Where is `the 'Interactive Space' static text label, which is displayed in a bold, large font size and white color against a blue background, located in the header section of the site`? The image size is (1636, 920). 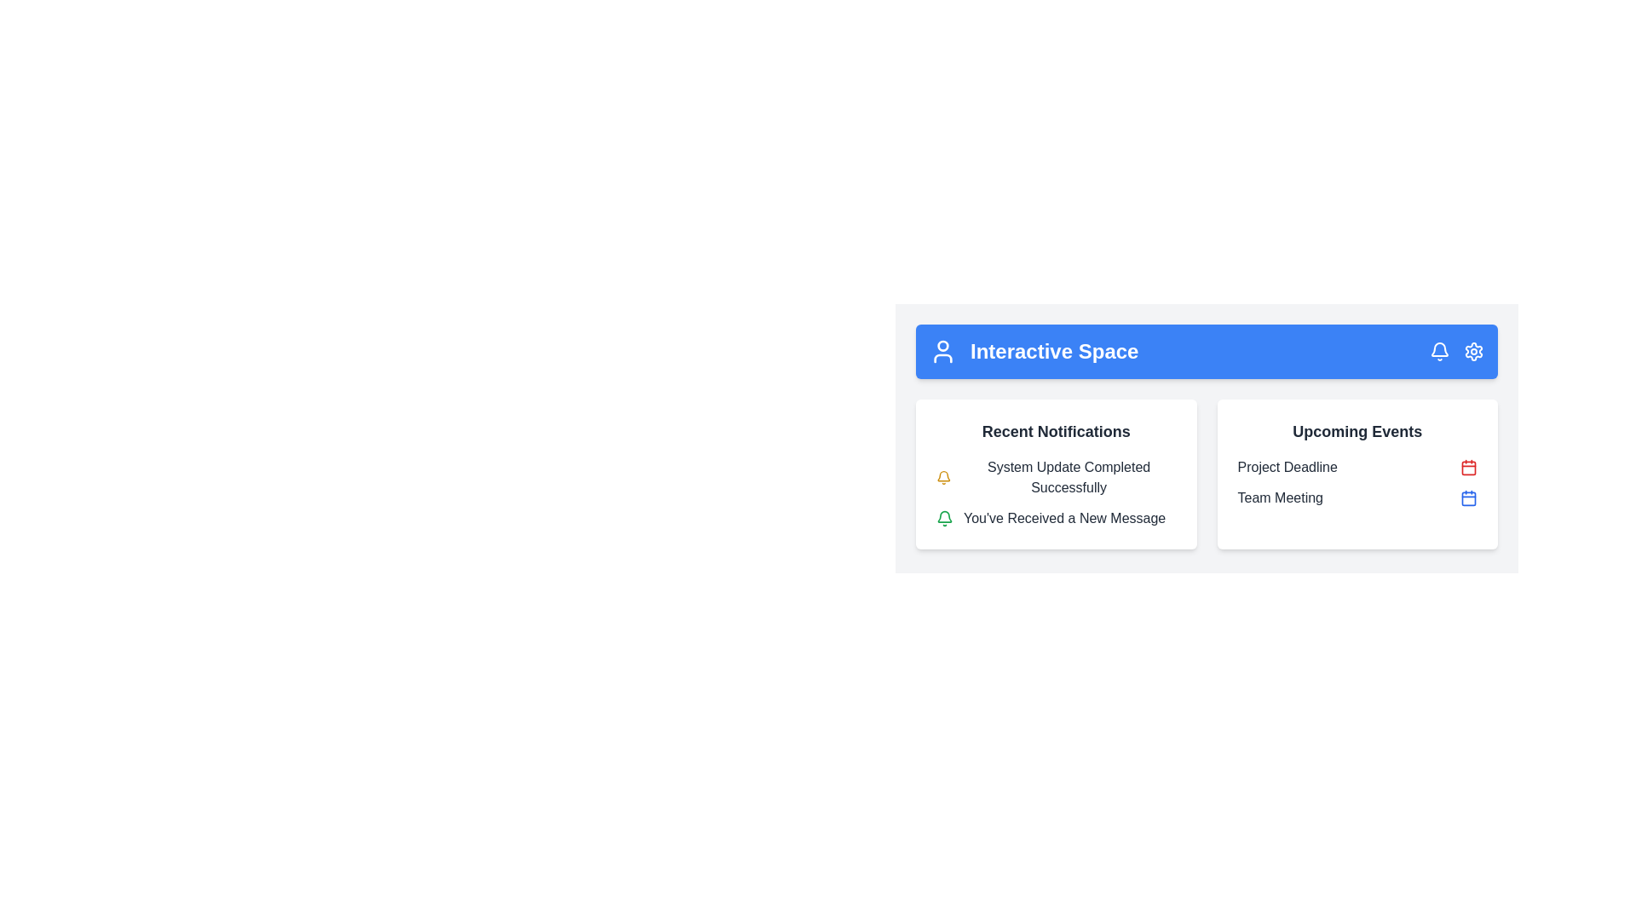 the 'Interactive Space' static text label, which is displayed in a bold, large font size and white color against a blue background, located in the header section of the site is located at coordinates (1053, 350).